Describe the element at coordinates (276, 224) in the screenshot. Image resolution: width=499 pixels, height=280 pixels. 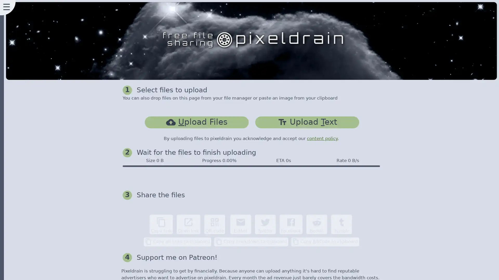
I see `email E-Mail` at that location.